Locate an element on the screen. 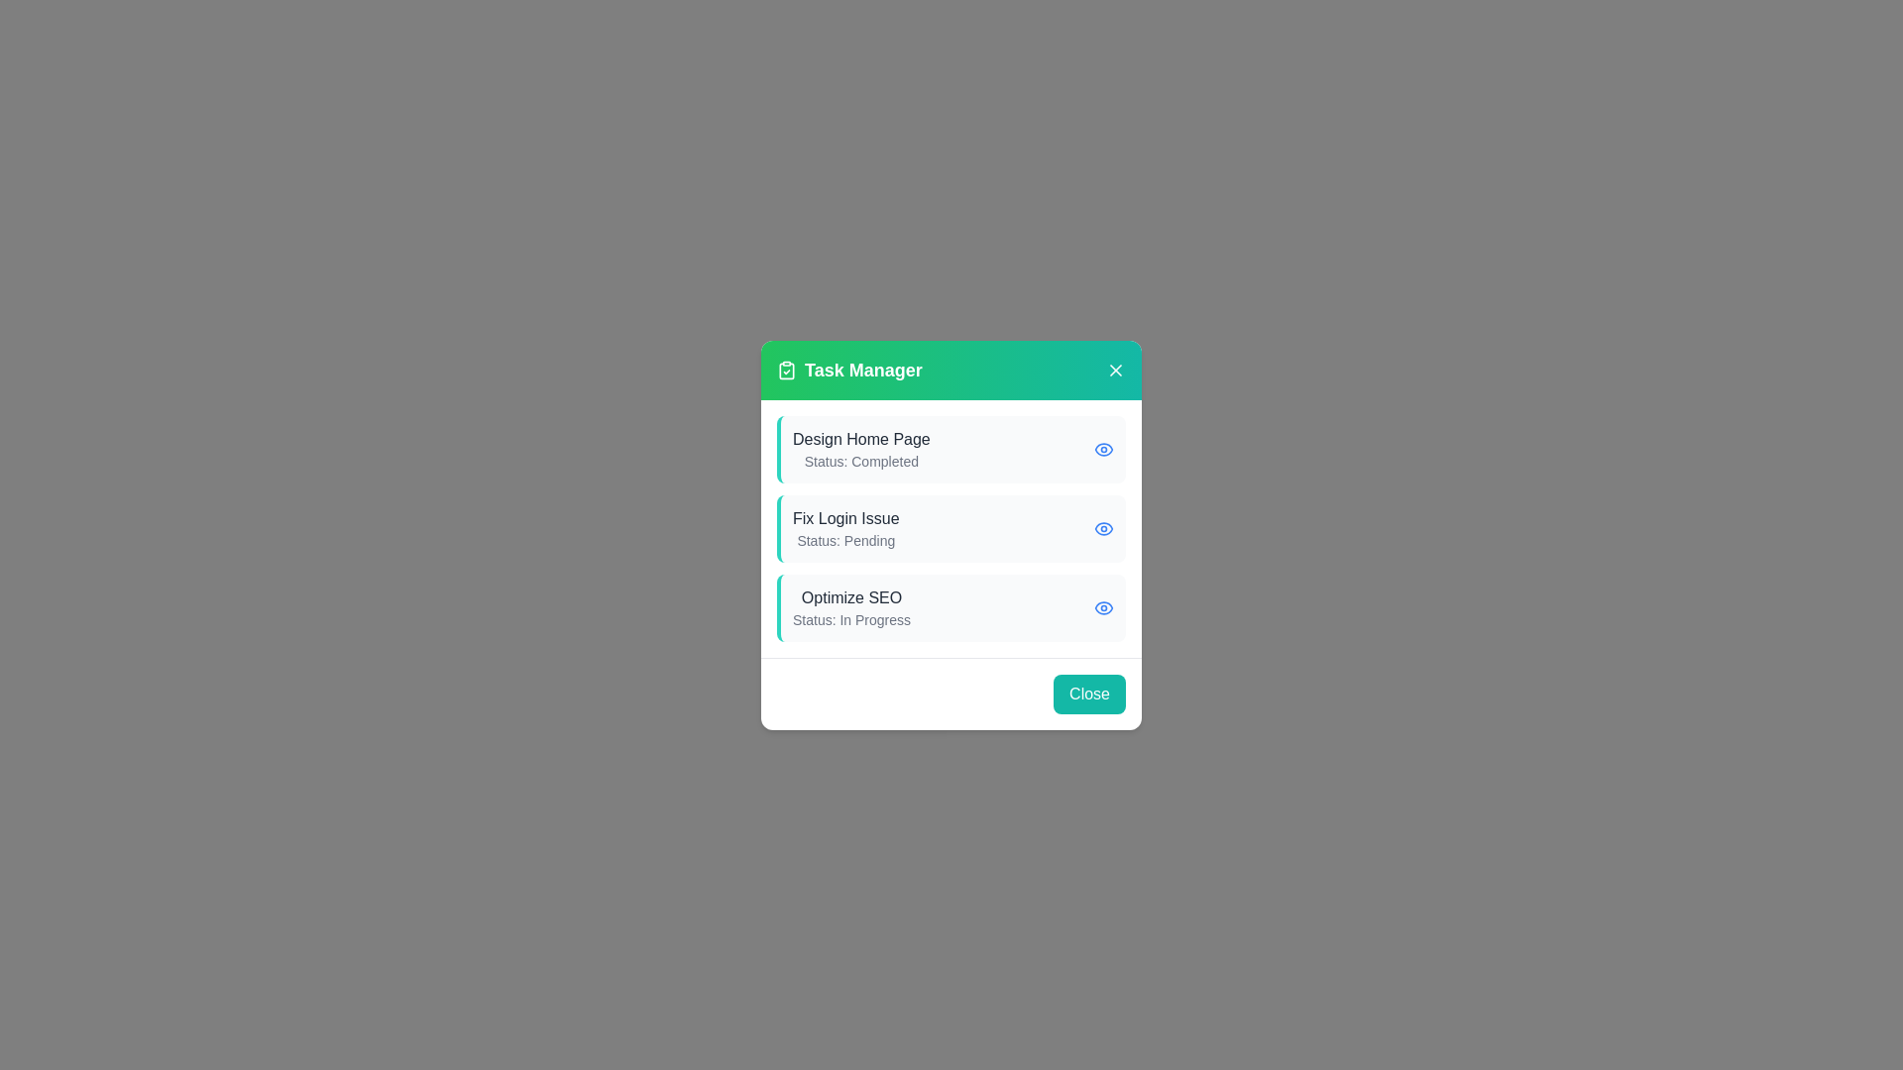 The height and width of the screenshot is (1070, 1903). the close button icon located in the top-right corner of the 'Task Manager' header panel is located at coordinates (1116, 370).